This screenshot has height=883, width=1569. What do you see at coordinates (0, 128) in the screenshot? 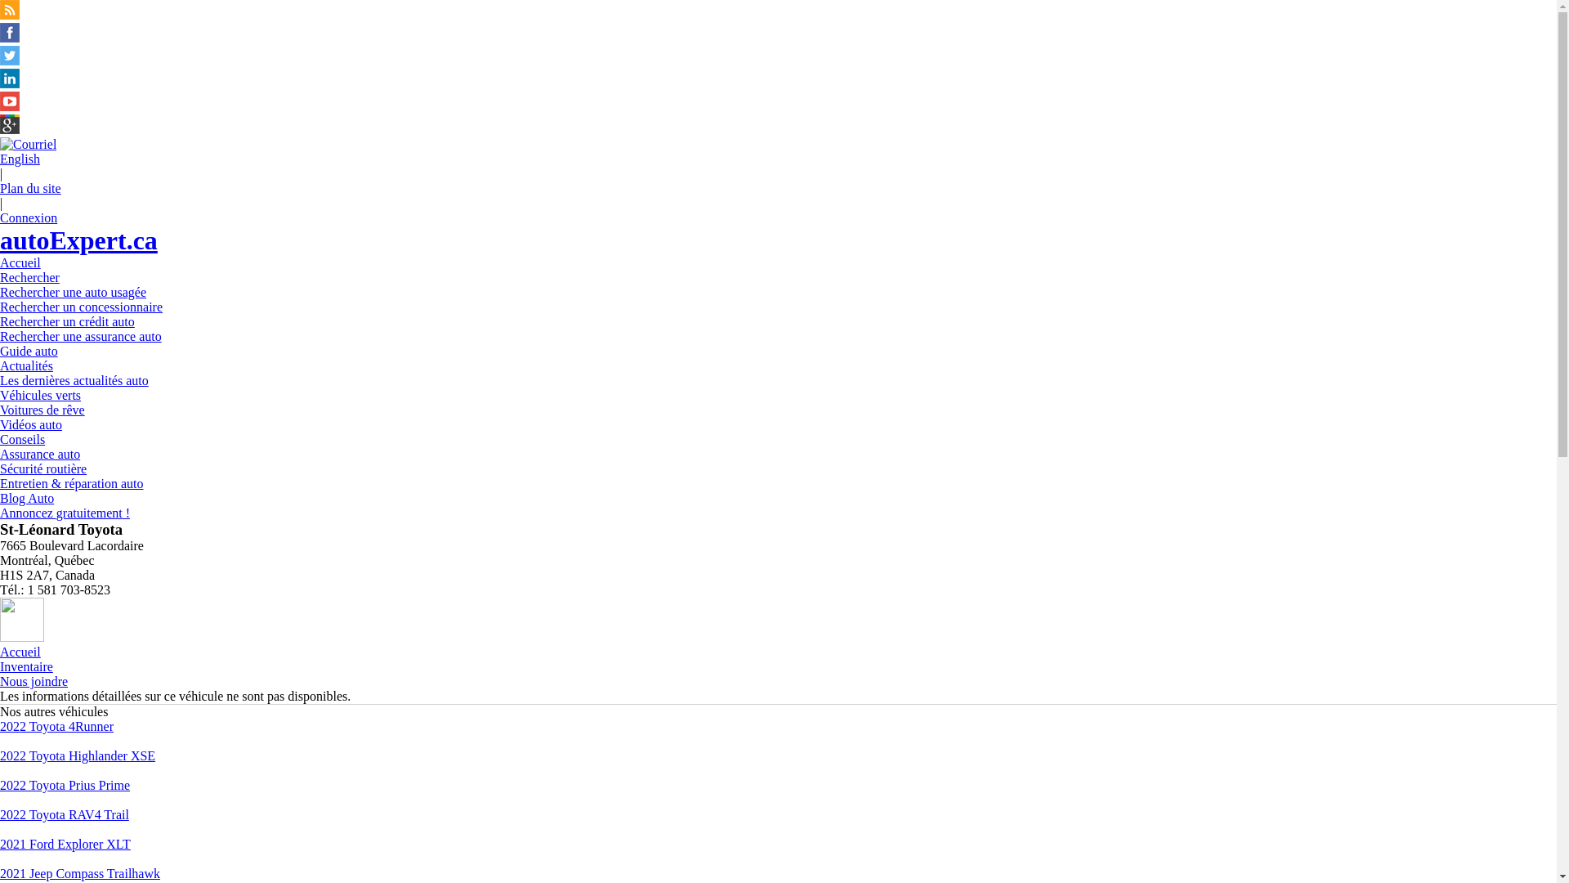
I see `'Suivez autoExpert.ca sur Google Plus'` at bounding box center [0, 128].